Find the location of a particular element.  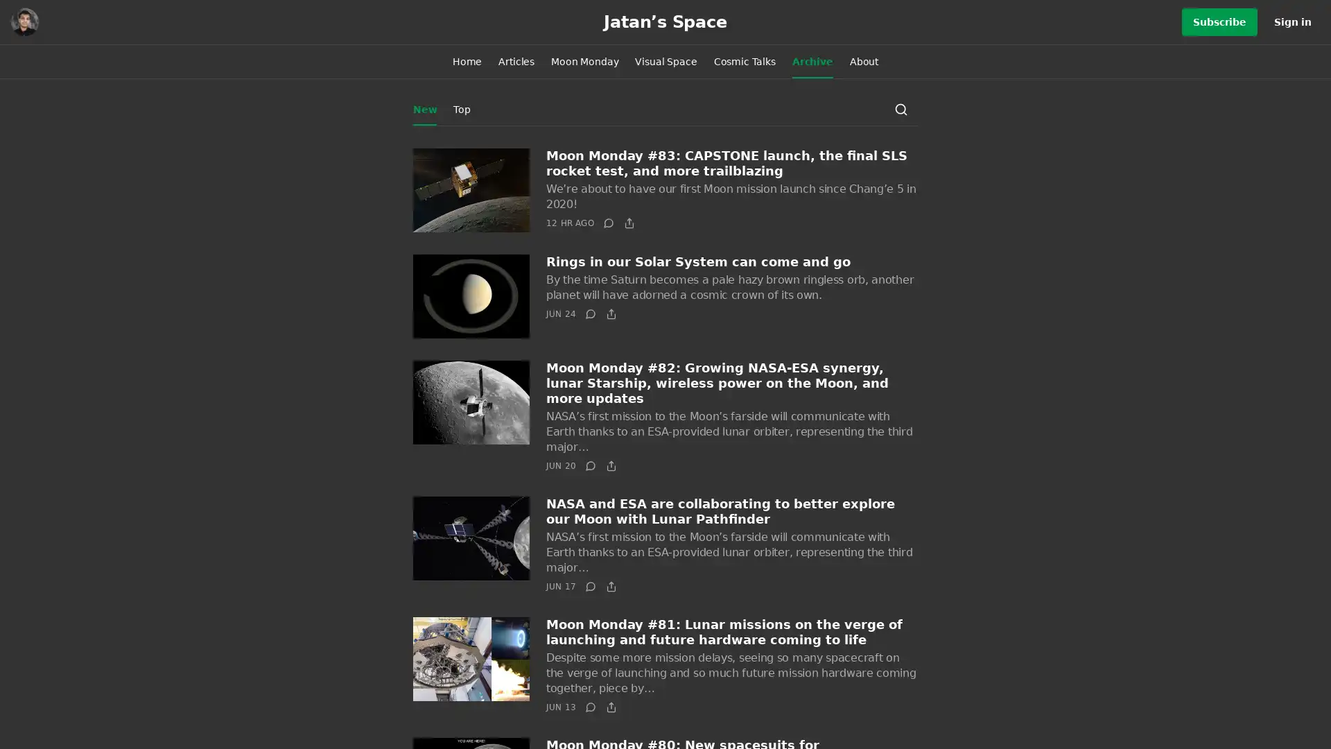

About is located at coordinates (863, 60).